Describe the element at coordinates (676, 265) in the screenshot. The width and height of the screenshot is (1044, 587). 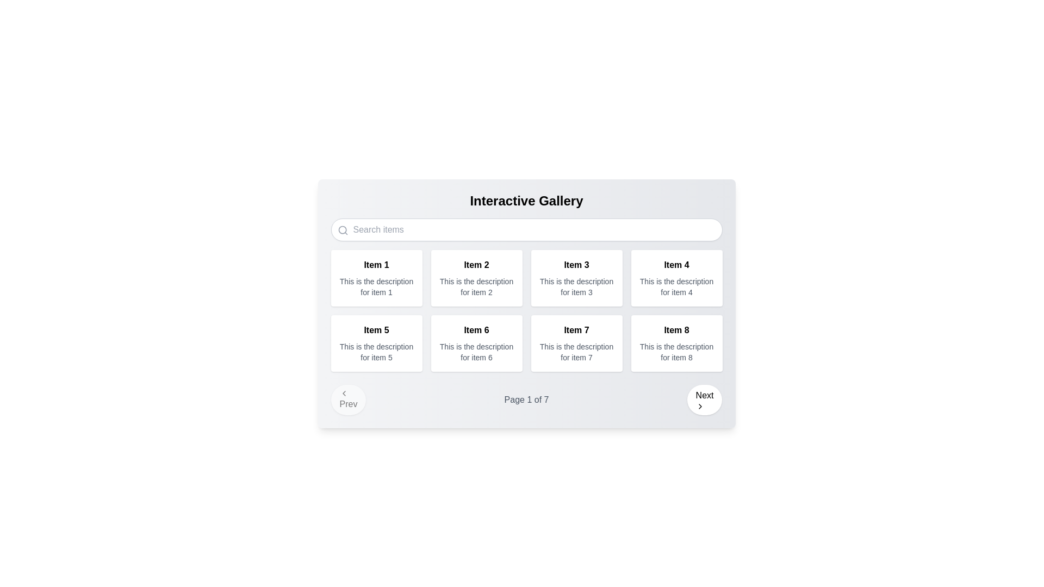
I see `the title text label of the fourth card in the grid layout, which serves as the heading for the item and is positioned above the description text` at that location.